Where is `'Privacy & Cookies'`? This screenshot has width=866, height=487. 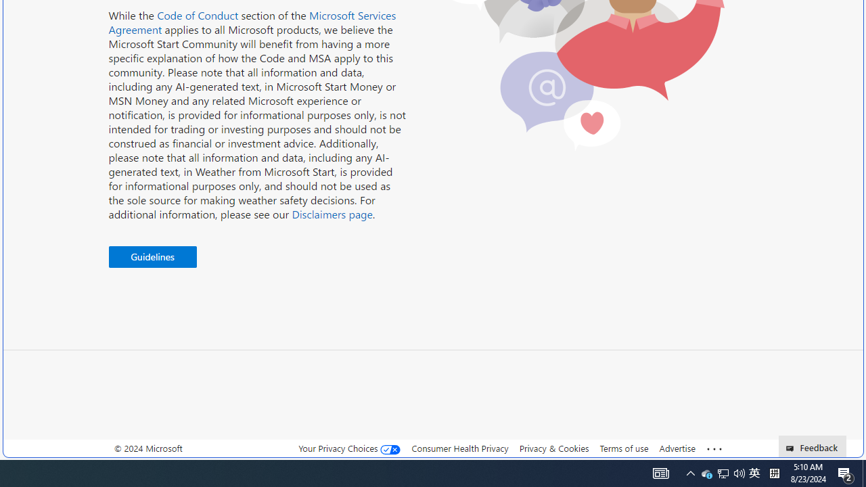
'Privacy & Cookies' is located at coordinates (553, 448).